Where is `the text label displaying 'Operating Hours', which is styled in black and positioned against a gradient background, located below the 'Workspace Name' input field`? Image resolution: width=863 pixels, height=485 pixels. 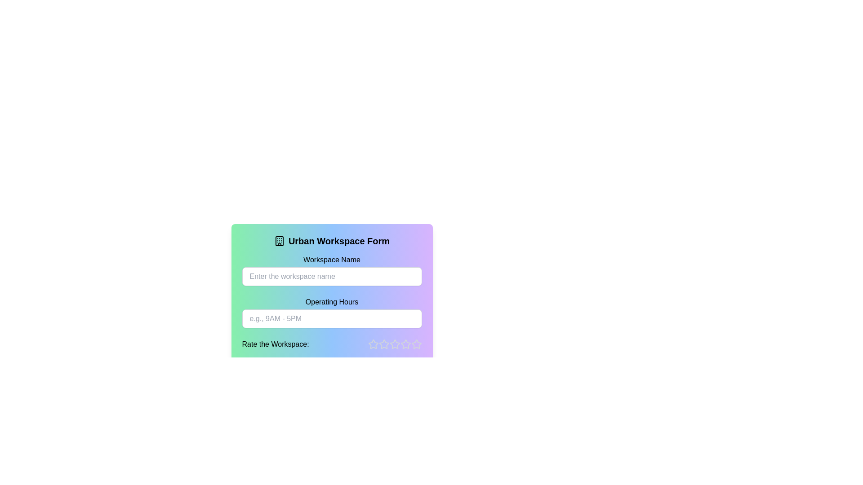
the text label displaying 'Operating Hours', which is styled in black and positioned against a gradient background, located below the 'Workspace Name' input field is located at coordinates (331, 302).